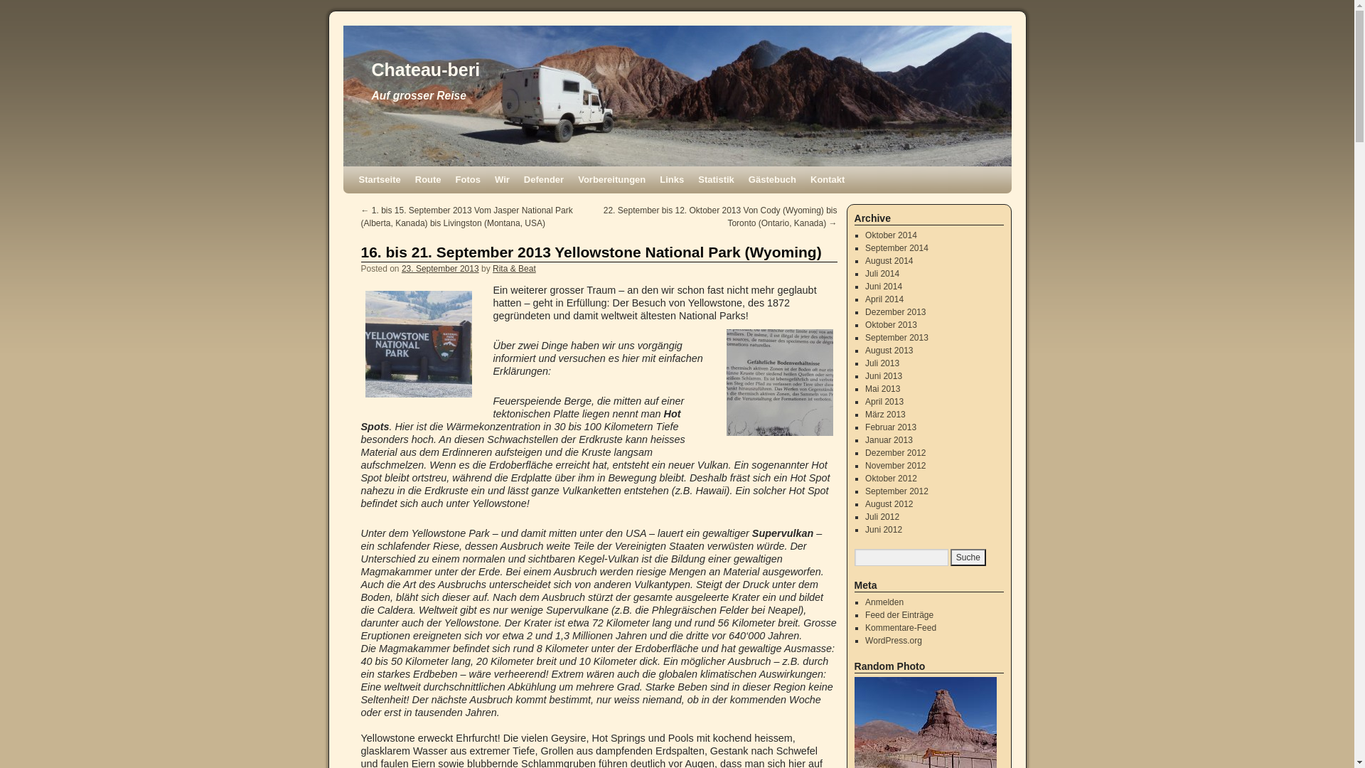 The width and height of the screenshot is (1365, 768). Describe the element at coordinates (424, 69) in the screenshot. I see `'Chateau-beri'` at that location.